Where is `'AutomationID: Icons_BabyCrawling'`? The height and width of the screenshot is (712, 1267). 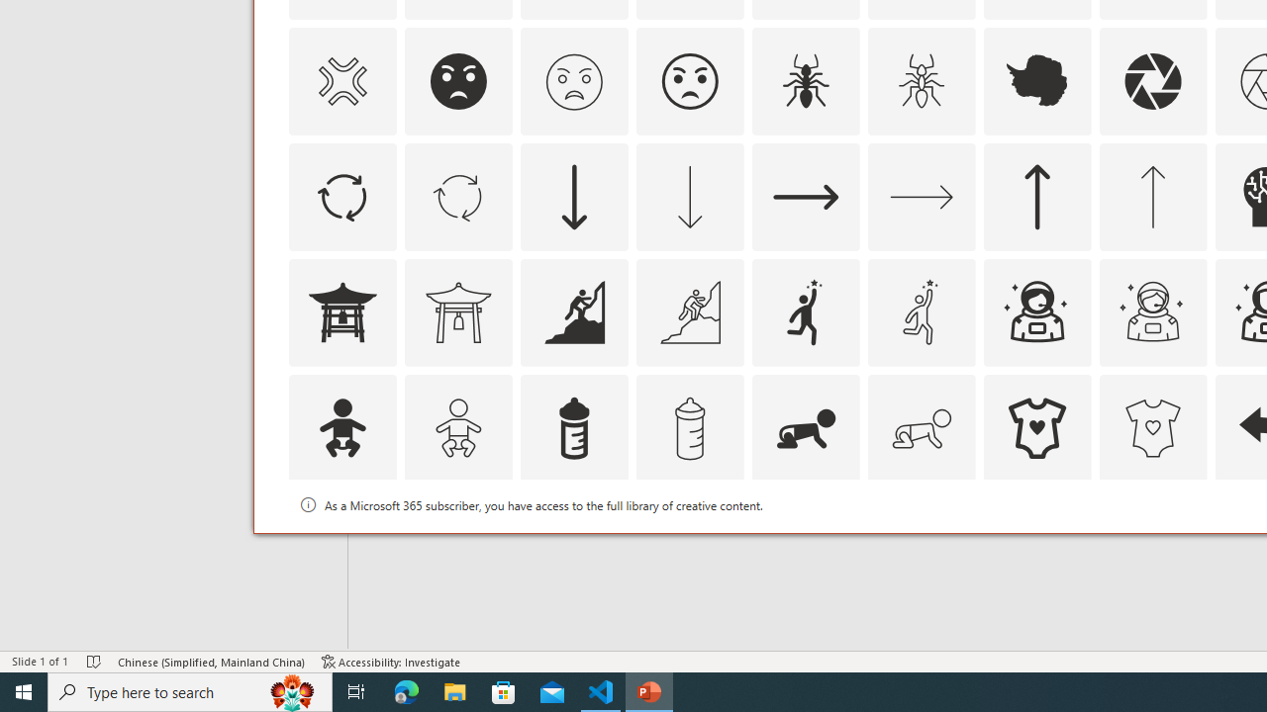 'AutomationID: Icons_BabyCrawling' is located at coordinates (806, 426).